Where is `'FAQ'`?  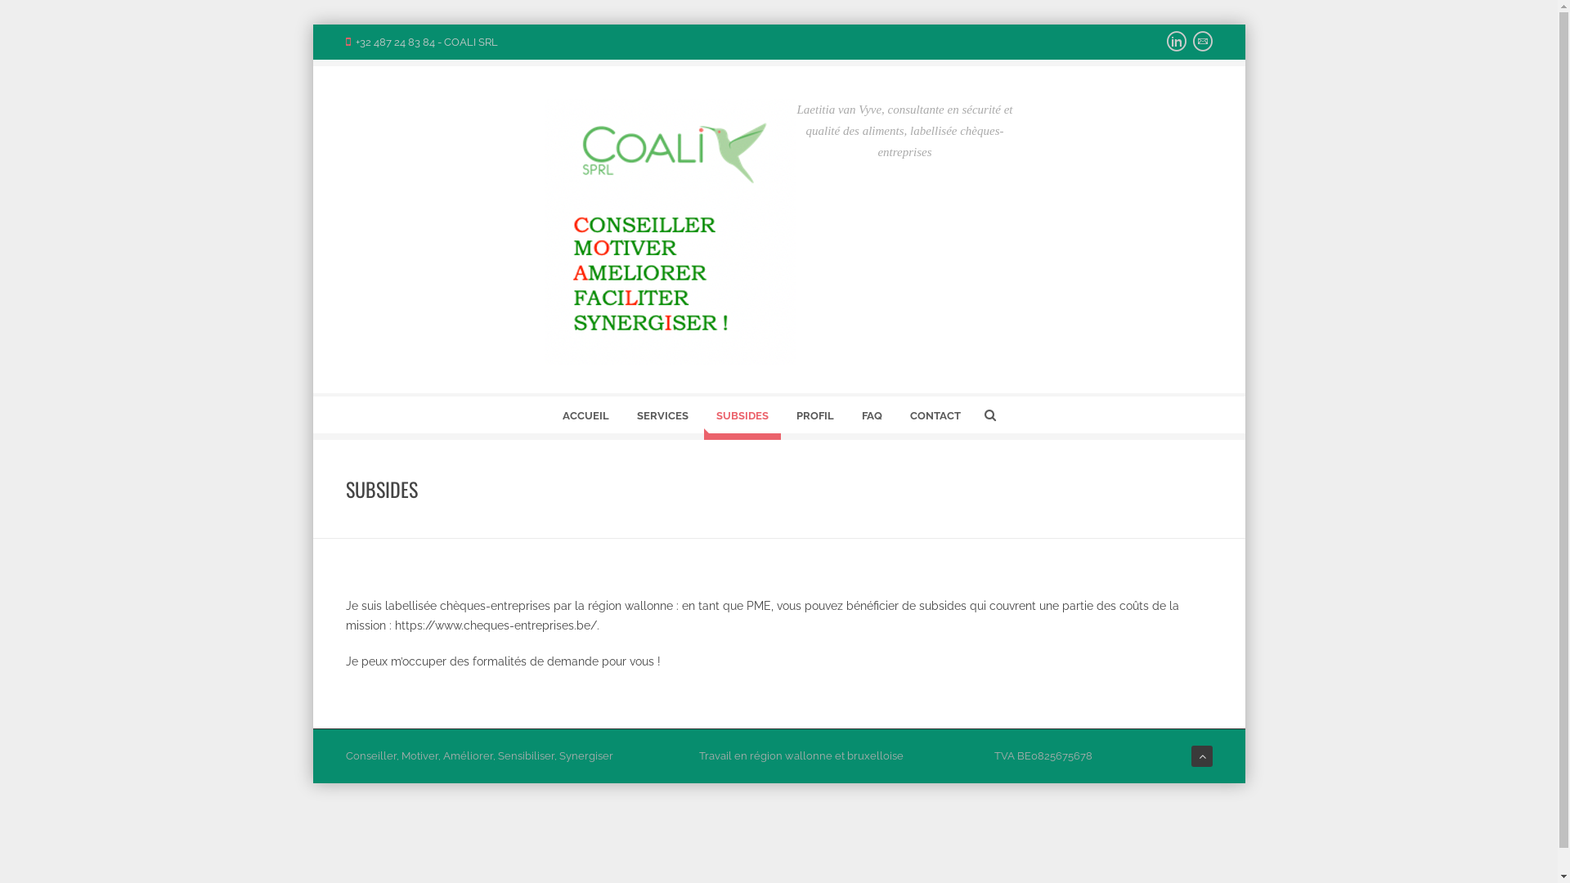 'FAQ' is located at coordinates (870, 418).